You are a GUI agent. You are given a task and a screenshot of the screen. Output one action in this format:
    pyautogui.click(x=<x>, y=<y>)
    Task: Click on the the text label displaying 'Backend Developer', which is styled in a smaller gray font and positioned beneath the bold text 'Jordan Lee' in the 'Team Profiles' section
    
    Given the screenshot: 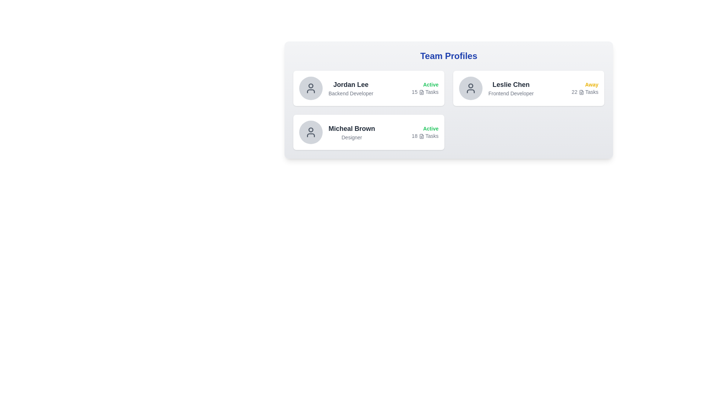 What is the action you would take?
    pyautogui.click(x=351, y=93)
    